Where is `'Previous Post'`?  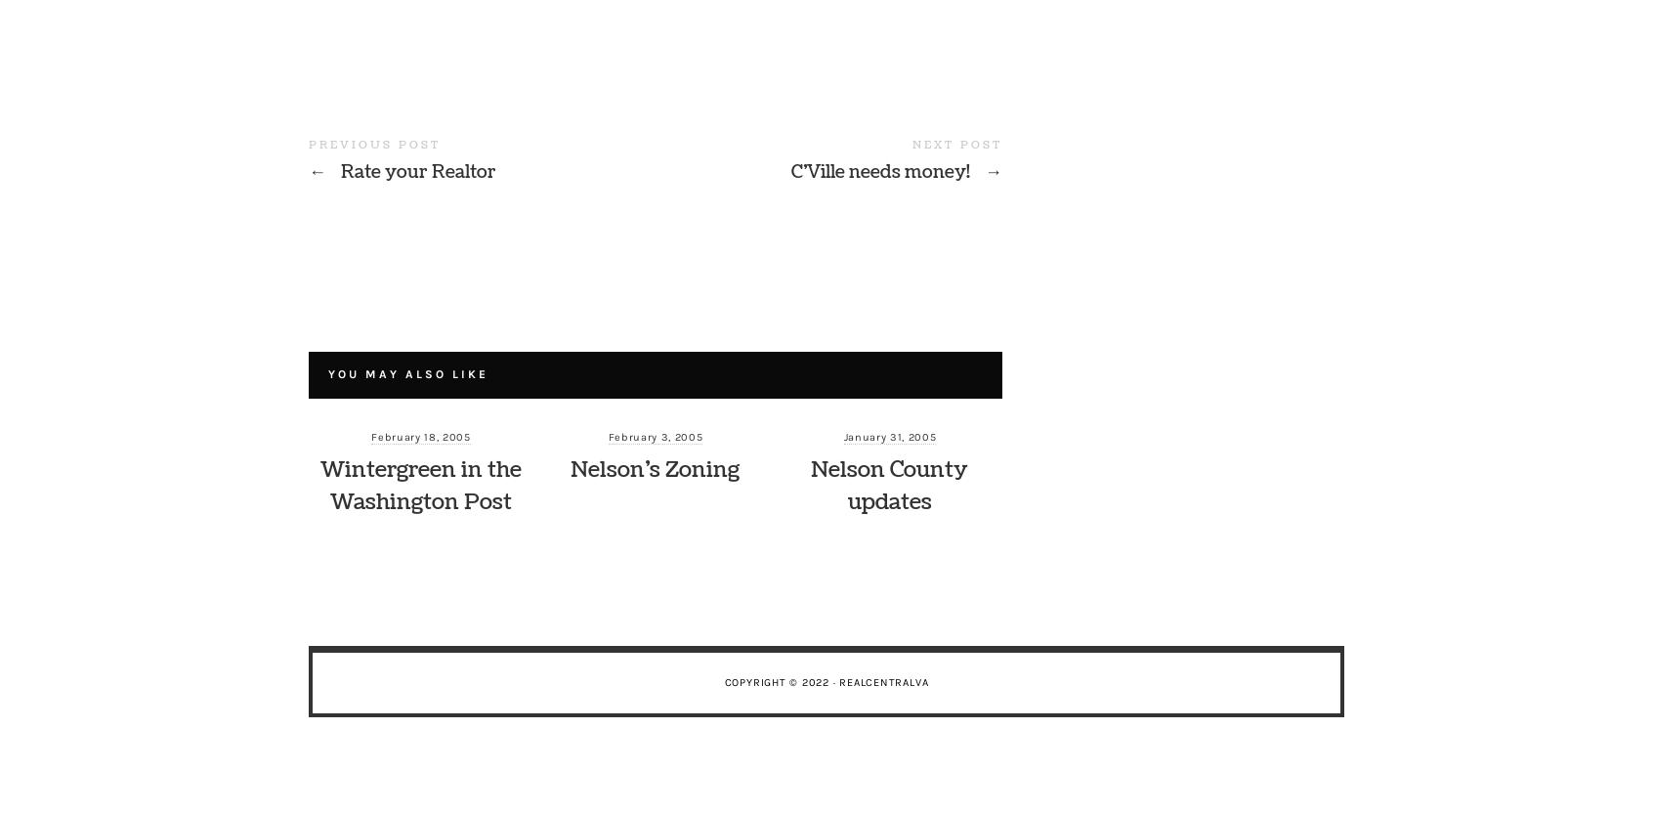 'Previous Post' is located at coordinates (374, 144).